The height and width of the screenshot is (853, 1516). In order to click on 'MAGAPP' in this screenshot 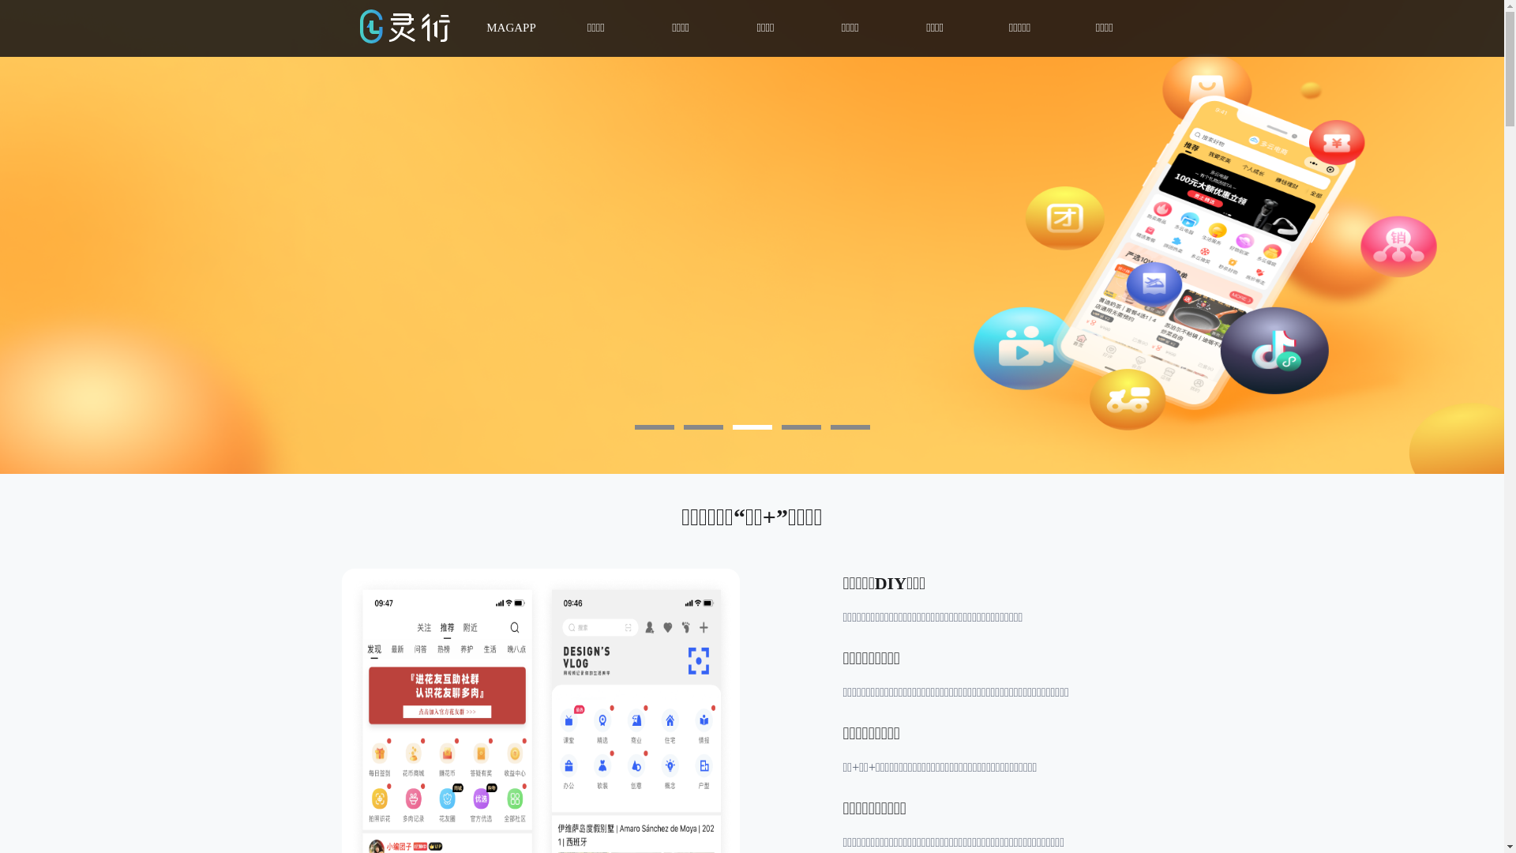, I will do `click(511, 28)`.